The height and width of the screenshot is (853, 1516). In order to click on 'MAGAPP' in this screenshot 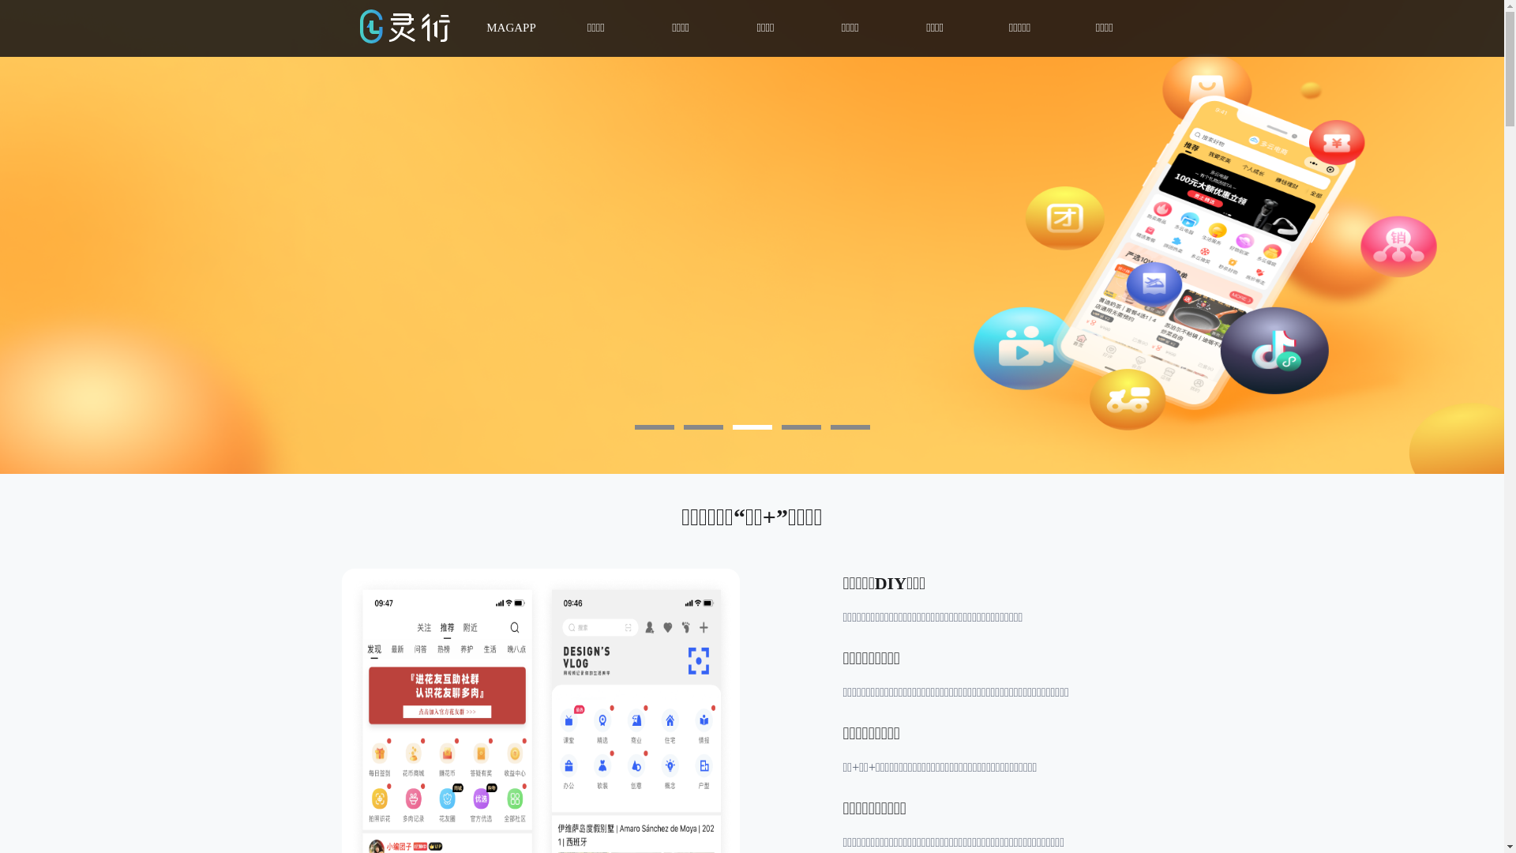, I will do `click(511, 28)`.